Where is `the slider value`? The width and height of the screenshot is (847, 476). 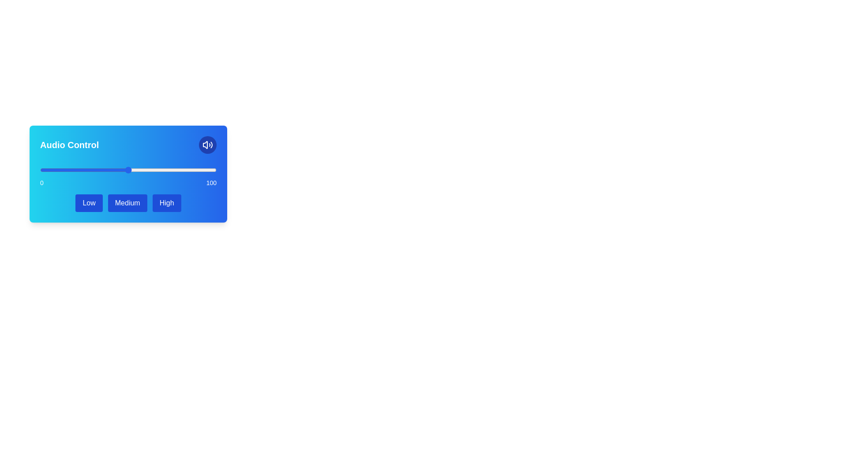 the slider value is located at coordinates (79, 170).